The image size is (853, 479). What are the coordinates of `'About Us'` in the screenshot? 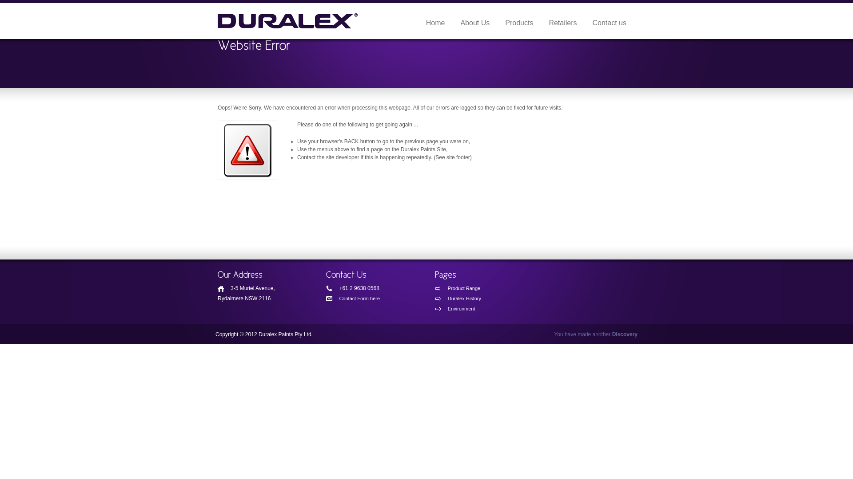 It's located at (474, 23).